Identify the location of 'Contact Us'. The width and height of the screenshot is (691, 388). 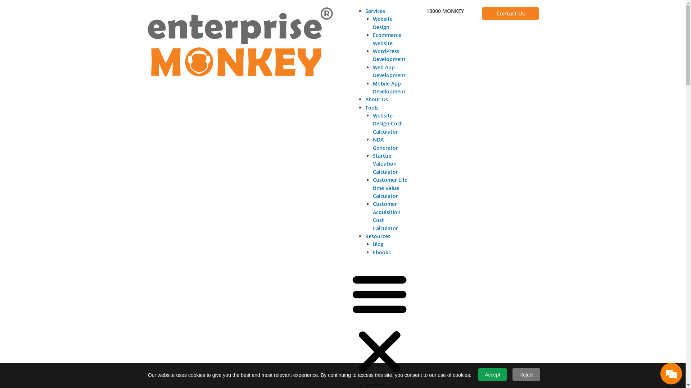
(482, 13).